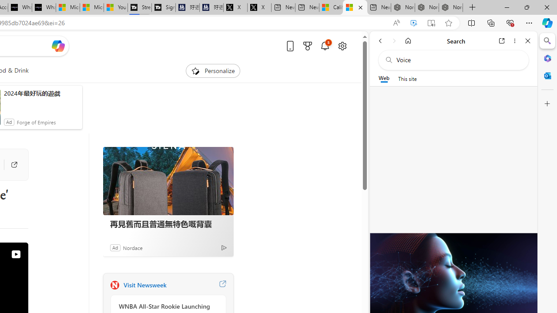 Image resolution: width=557 pixels, height=313 pixels. Describe the element at coordinates (212, 70) in the screenshot. I see `'Personalize'` at that location.